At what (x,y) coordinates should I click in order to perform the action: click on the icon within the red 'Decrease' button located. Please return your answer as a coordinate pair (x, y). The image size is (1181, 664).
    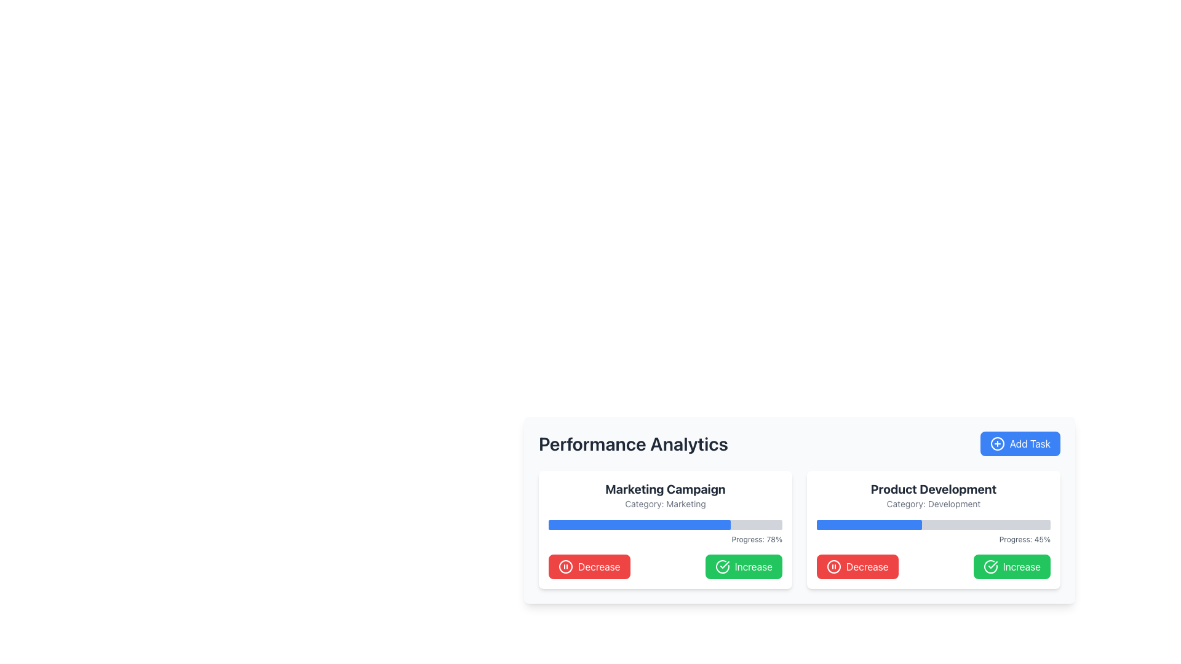
    Looking at the image, I should click on (565, 566).